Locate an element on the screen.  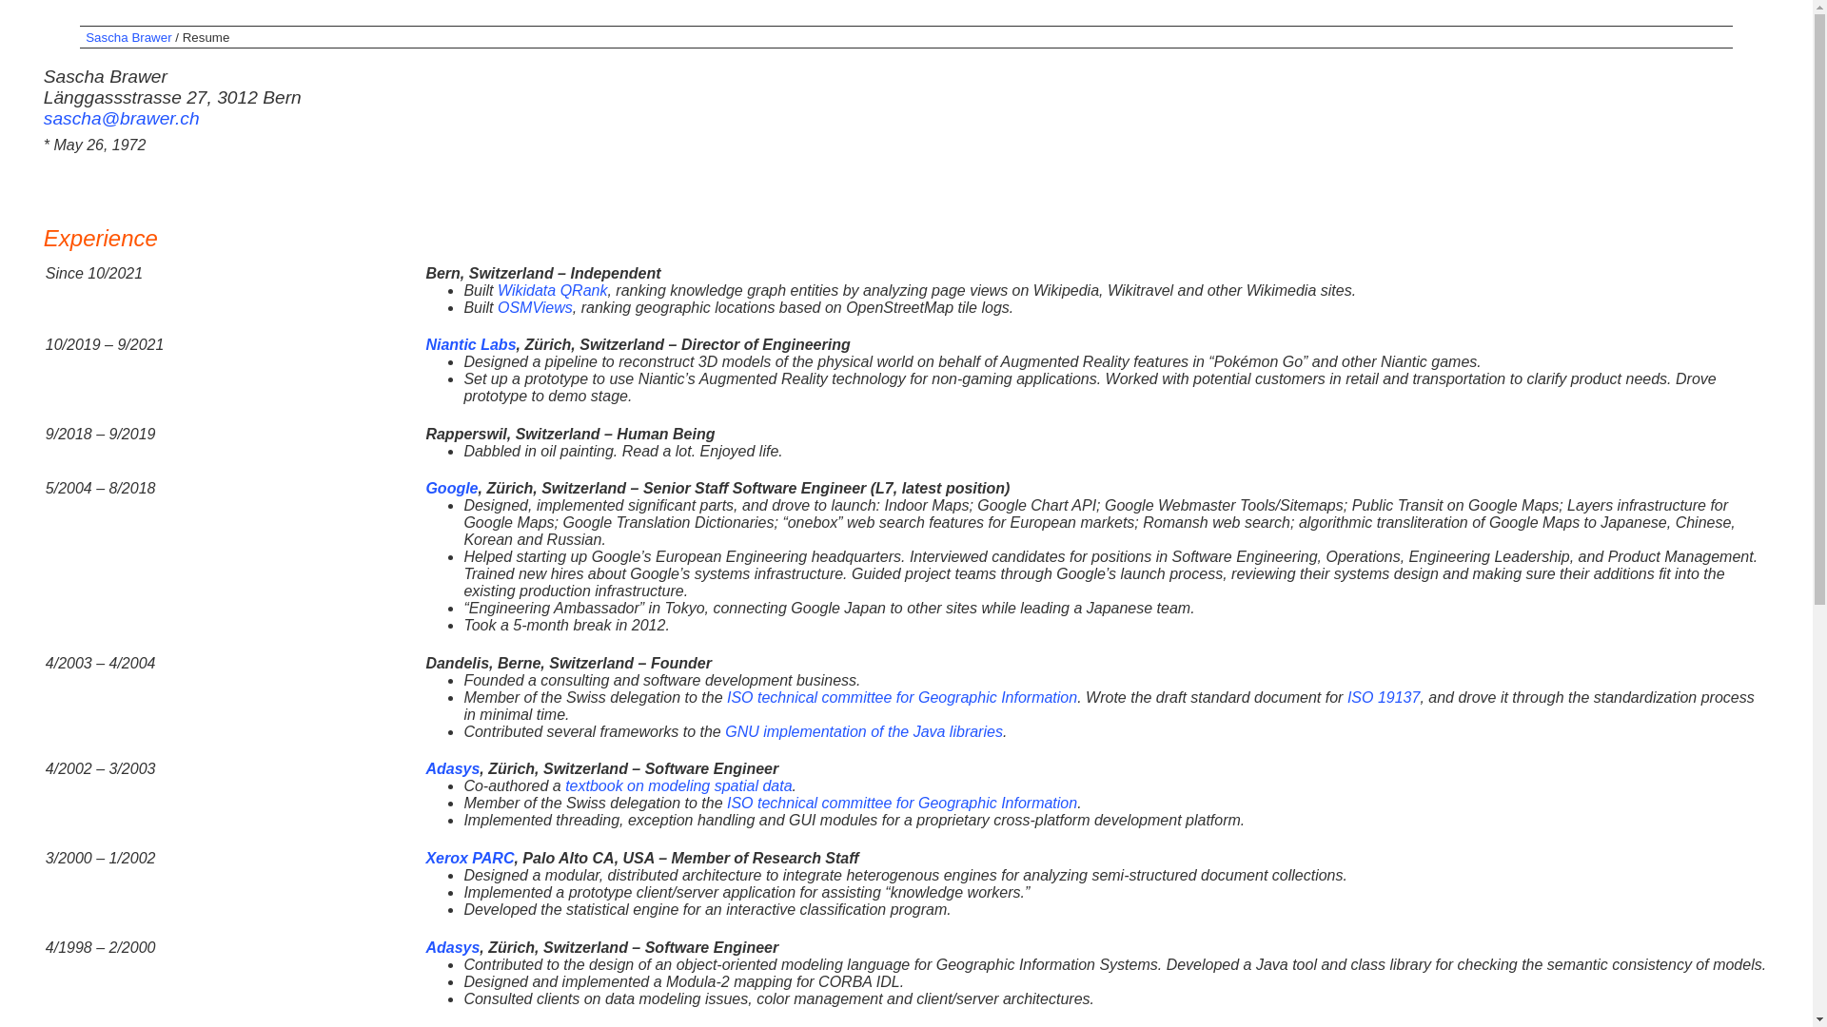
'Adasys' is located at coordinates (423, 767).